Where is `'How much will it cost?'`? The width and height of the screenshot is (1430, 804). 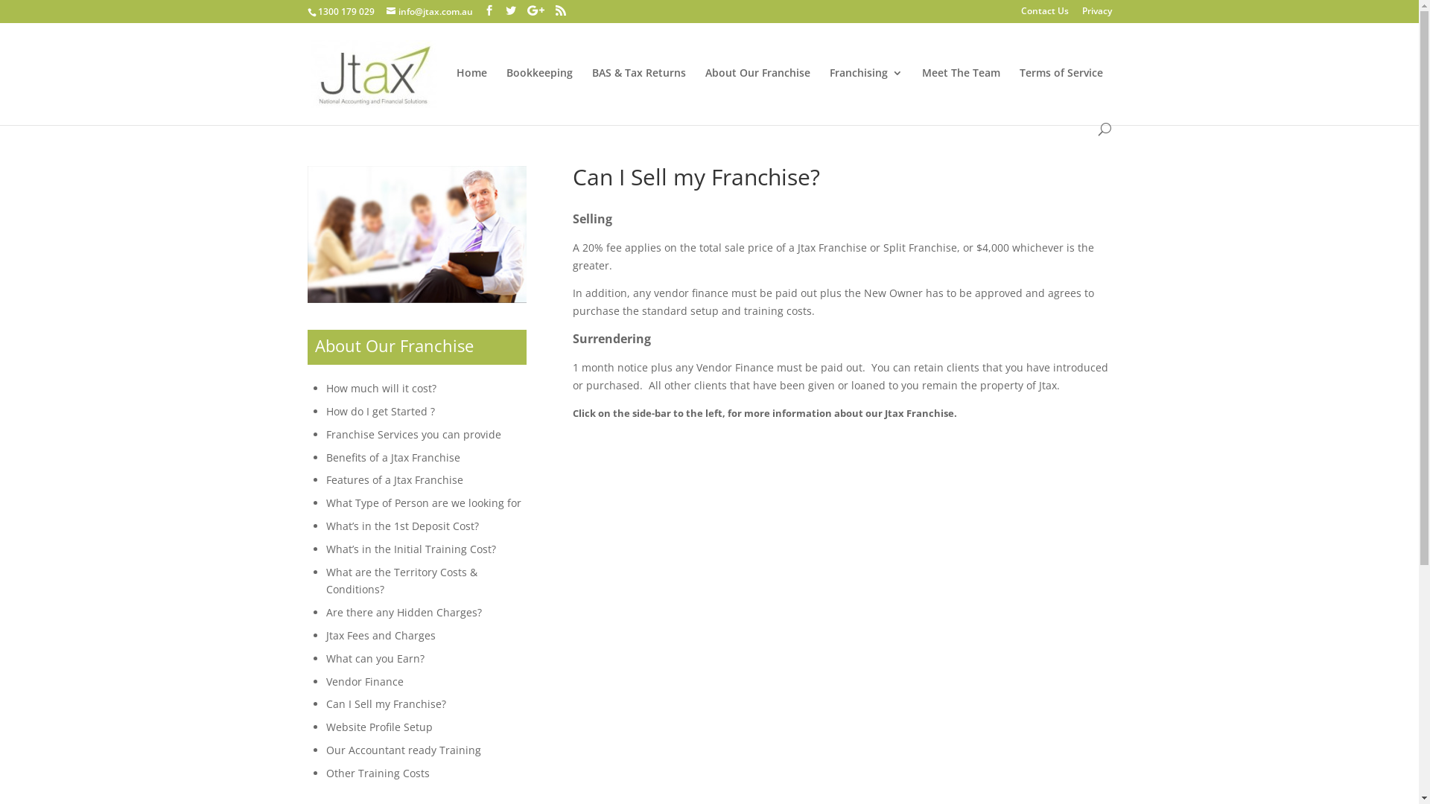
'How much will it cost?' is located at coordinates (381, 387).